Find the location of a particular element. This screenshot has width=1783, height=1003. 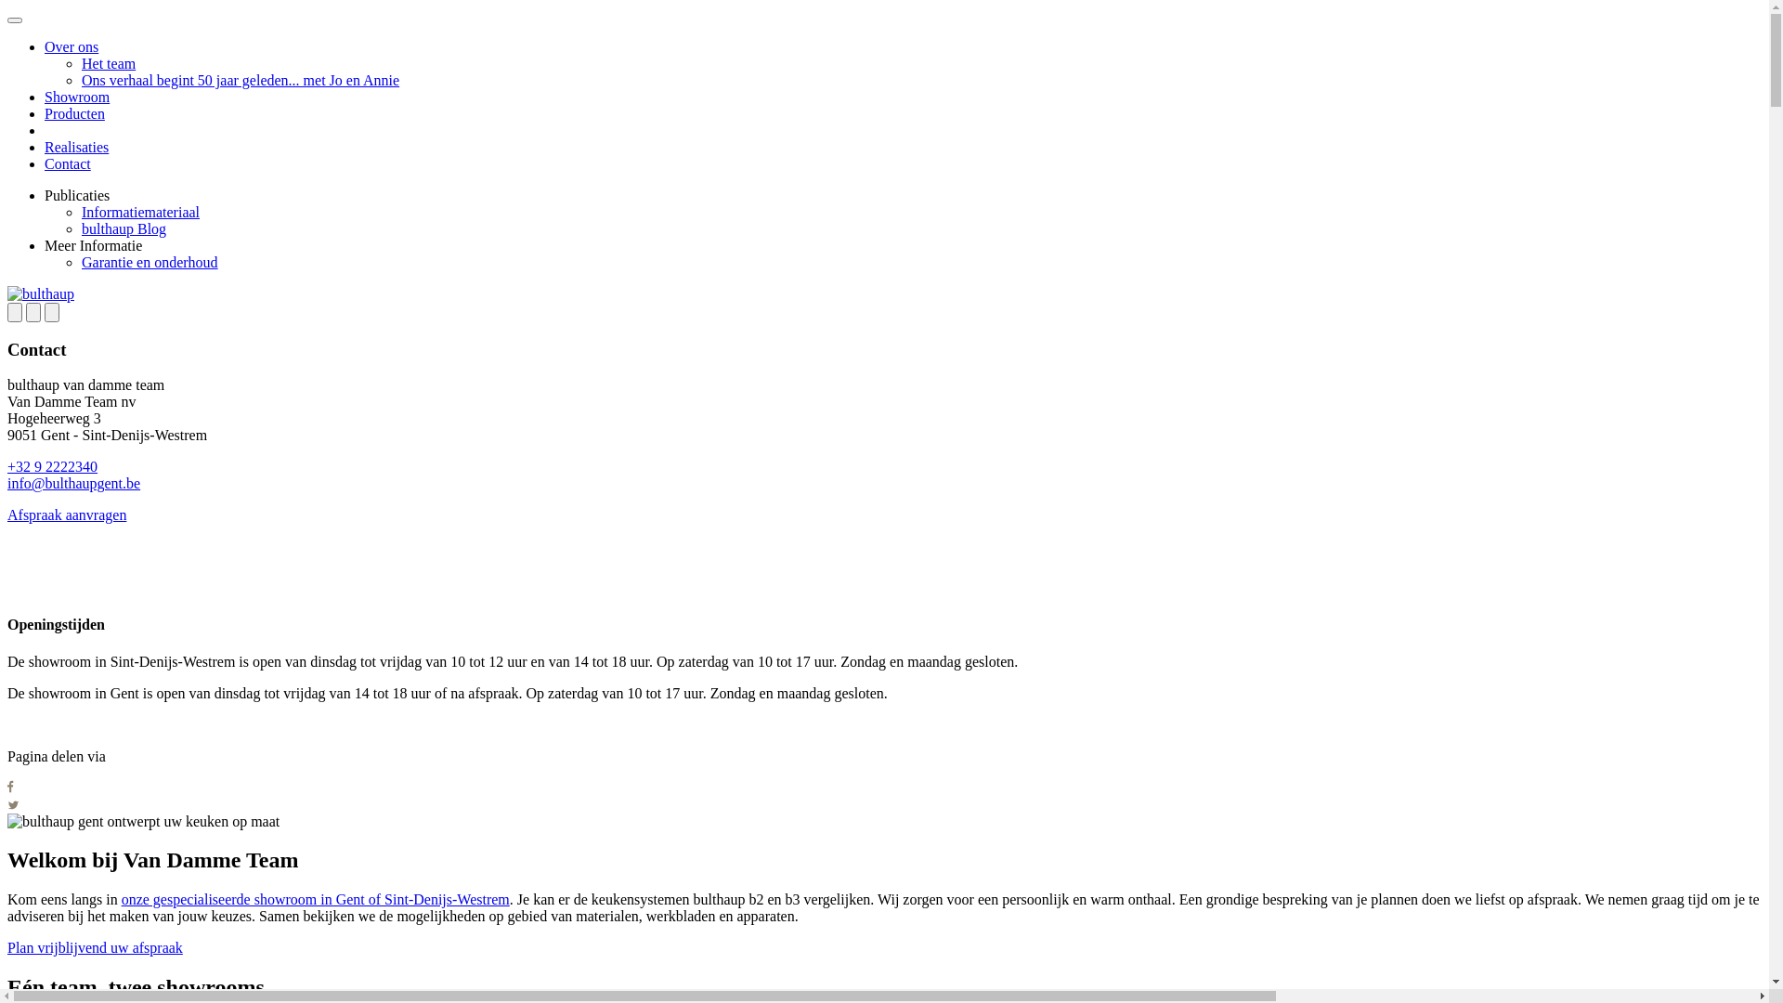

'bulthaup Blog' is located at coordinates (123, 228).